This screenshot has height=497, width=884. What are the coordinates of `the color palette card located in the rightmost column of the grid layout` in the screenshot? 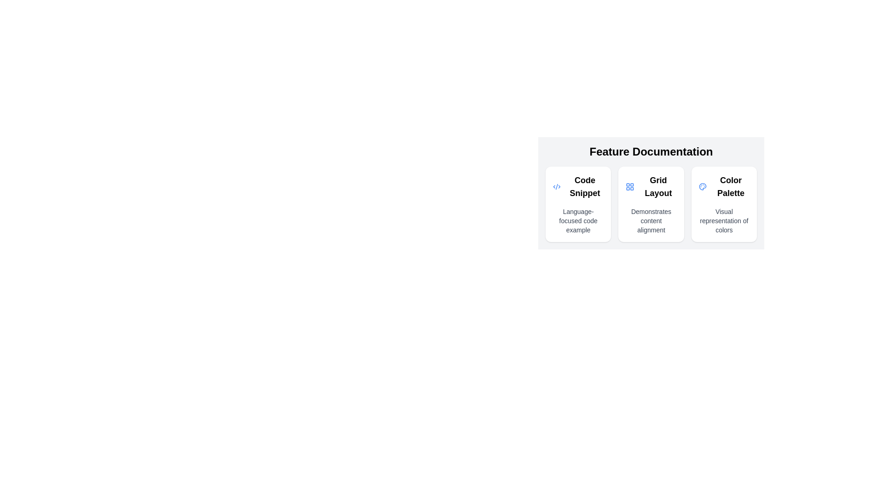 It's located at (723, 203).